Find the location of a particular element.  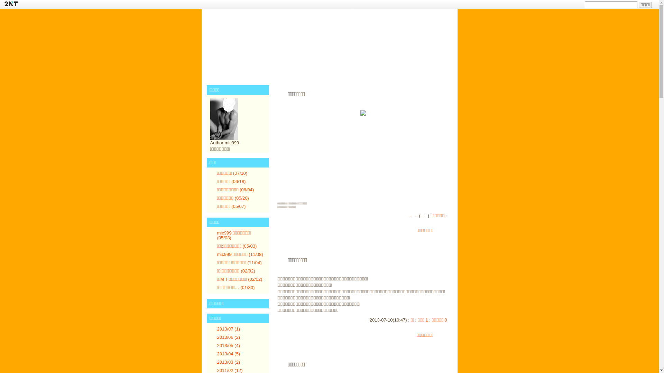

'2013/03 (2)' is located at coordinates (229, 362).